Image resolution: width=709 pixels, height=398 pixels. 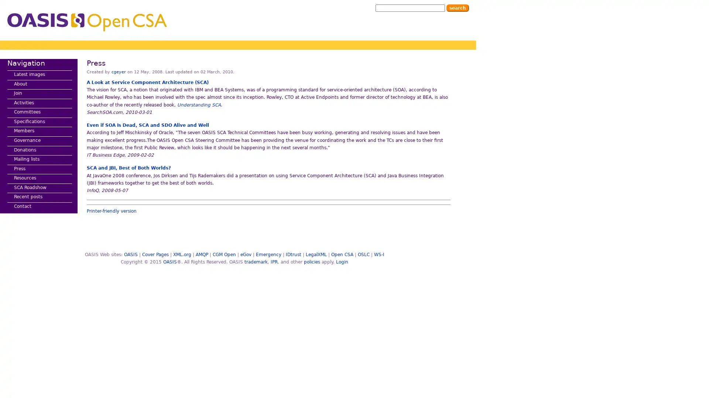 What do you see at coordinates (457, 8) in the screenshot?
I see `Search` at bounding box center [457, 8].